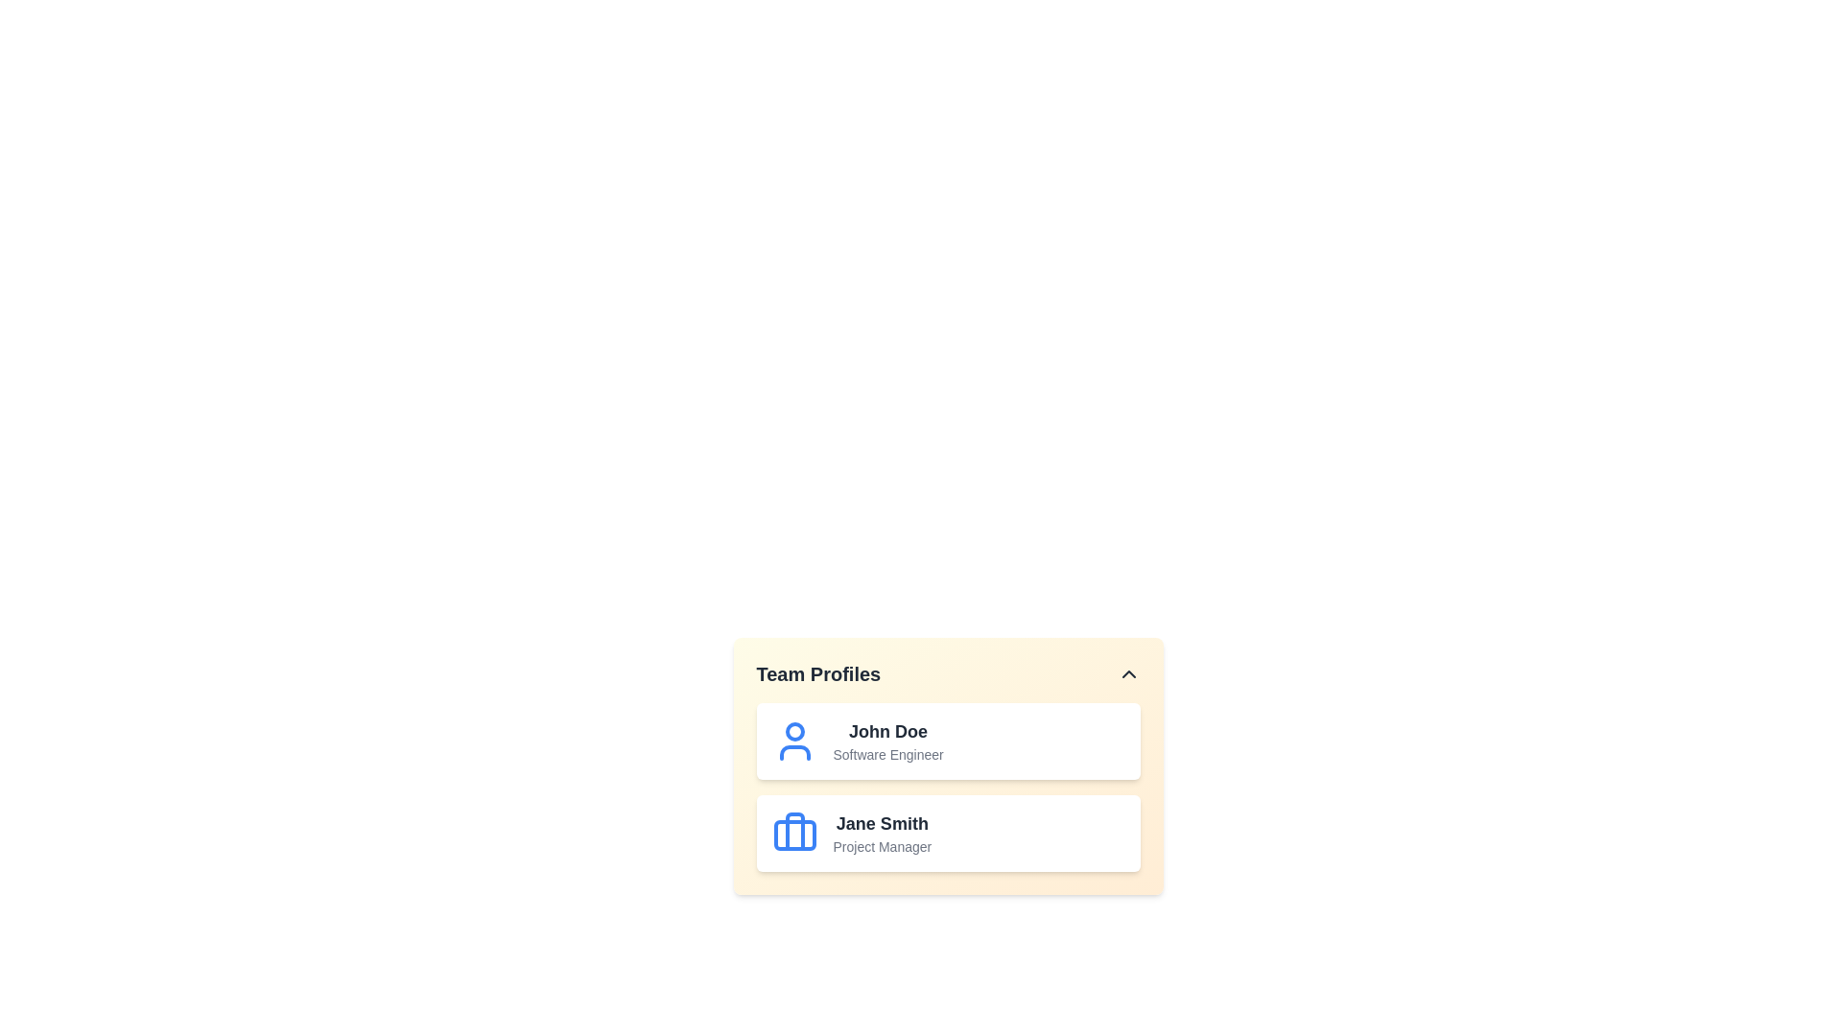 This screenshot has height=1036, width=1842. What do you see at coordinates (794, 732) in the screenshot?
I see `the blue circular shape within the SVG graphic of a person's icon, located at the top part of the icon for accessibility settings` at bounding box center [794, 732].